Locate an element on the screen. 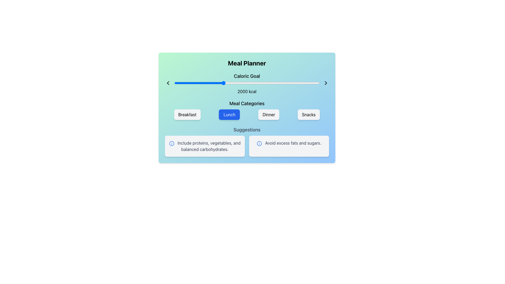  text content of the 'Suggestions' text block located at the bottom center of the 'Meal Planner' card, which includes dietary recommendations and advice against excessive fats and sugars is located at coordinates (247, 141).